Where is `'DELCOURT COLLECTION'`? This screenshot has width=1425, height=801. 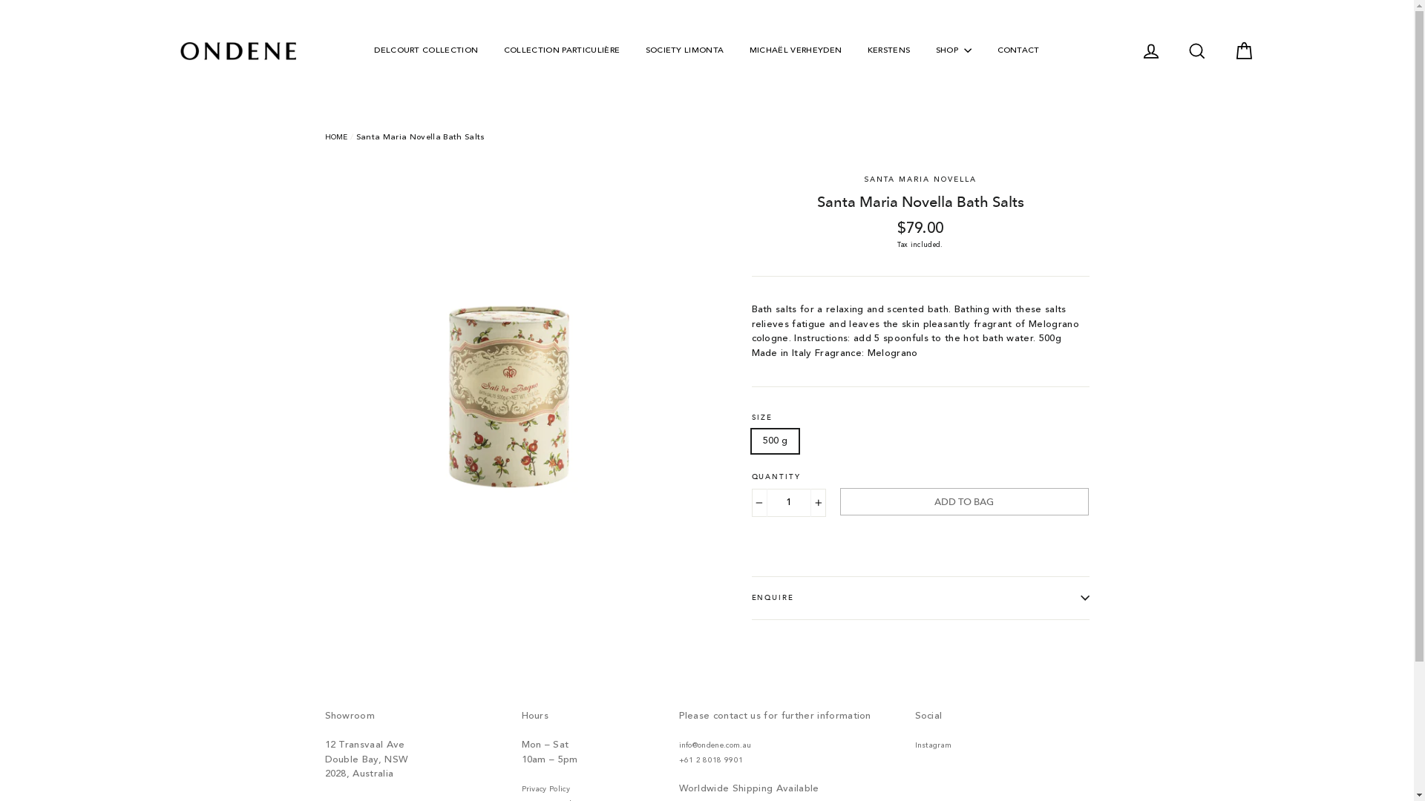 'DELCOURT COLLECTION' is located at coordinates (425, 50).